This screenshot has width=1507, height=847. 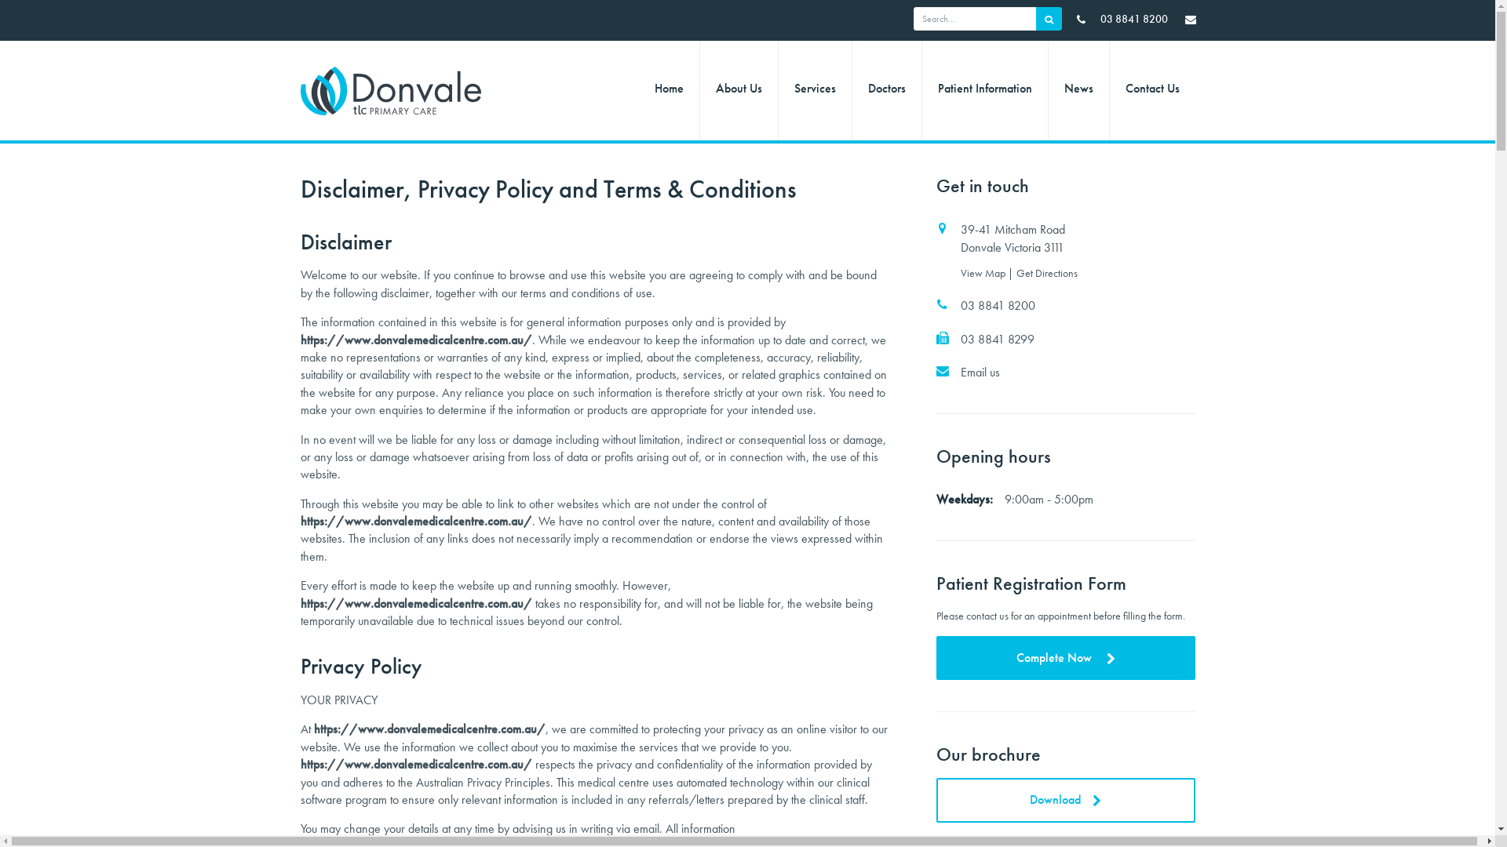 What do you see at coordinates (1125, 90) in the screenshot?
I see `'Contact Us'` at bounding box center [1125, 90].